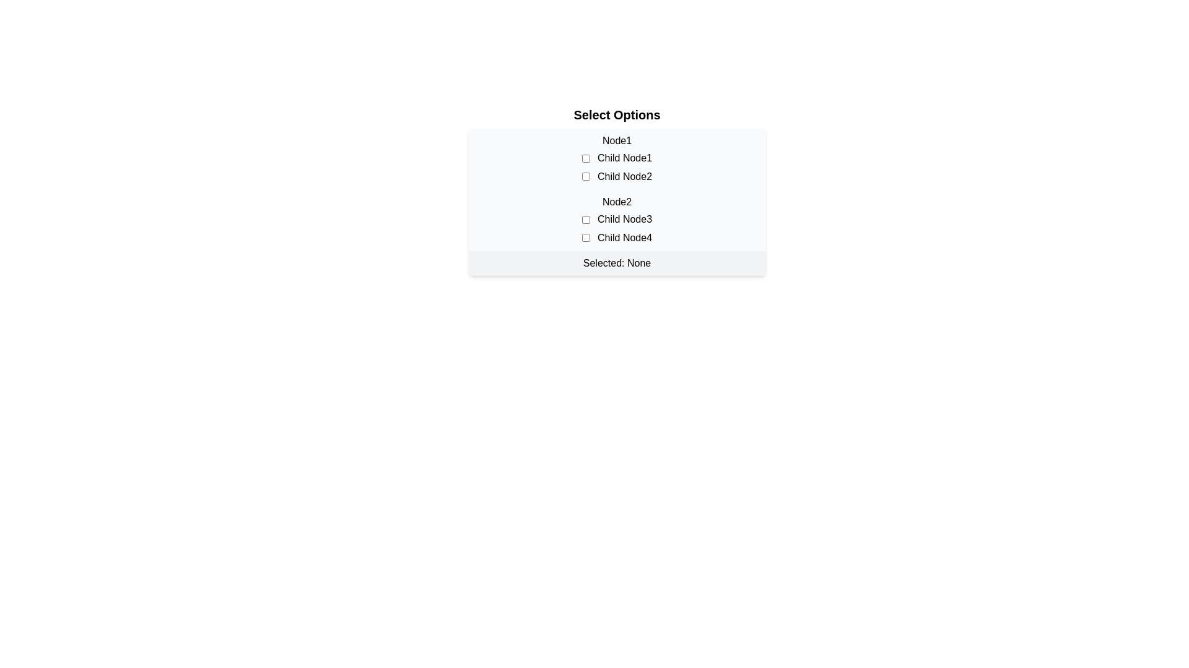 The height and width of the screenshot is (668, 1189). I want to click on the selection interface element that allows users to make specific selections among the options provided, located beneath the title 'Select Options', so click(617, 202).